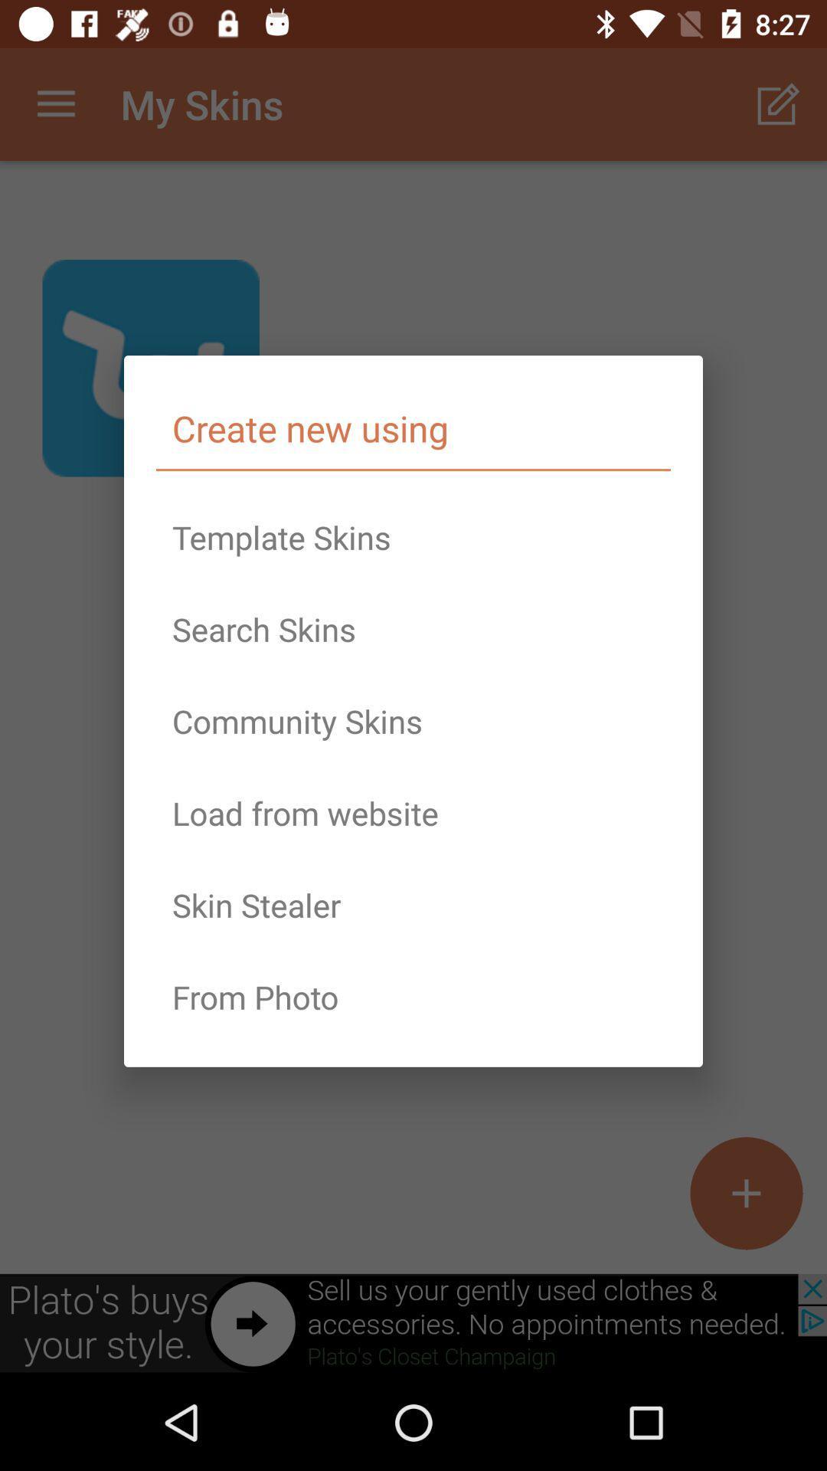 Image resolution: width=827 pixels, height=1471 pixels. What do you see at coordinates (413, 905) in the screenshot?
I see `the skin stealer` at bounding box center [413, 905].